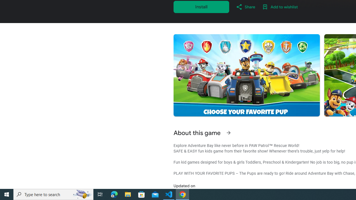 This screenshot has height=200, width=356. What do you see at coordinates (280, 7) in the screenshot?
I see `'Add to wishlist'` at bounding box center [280, 7].